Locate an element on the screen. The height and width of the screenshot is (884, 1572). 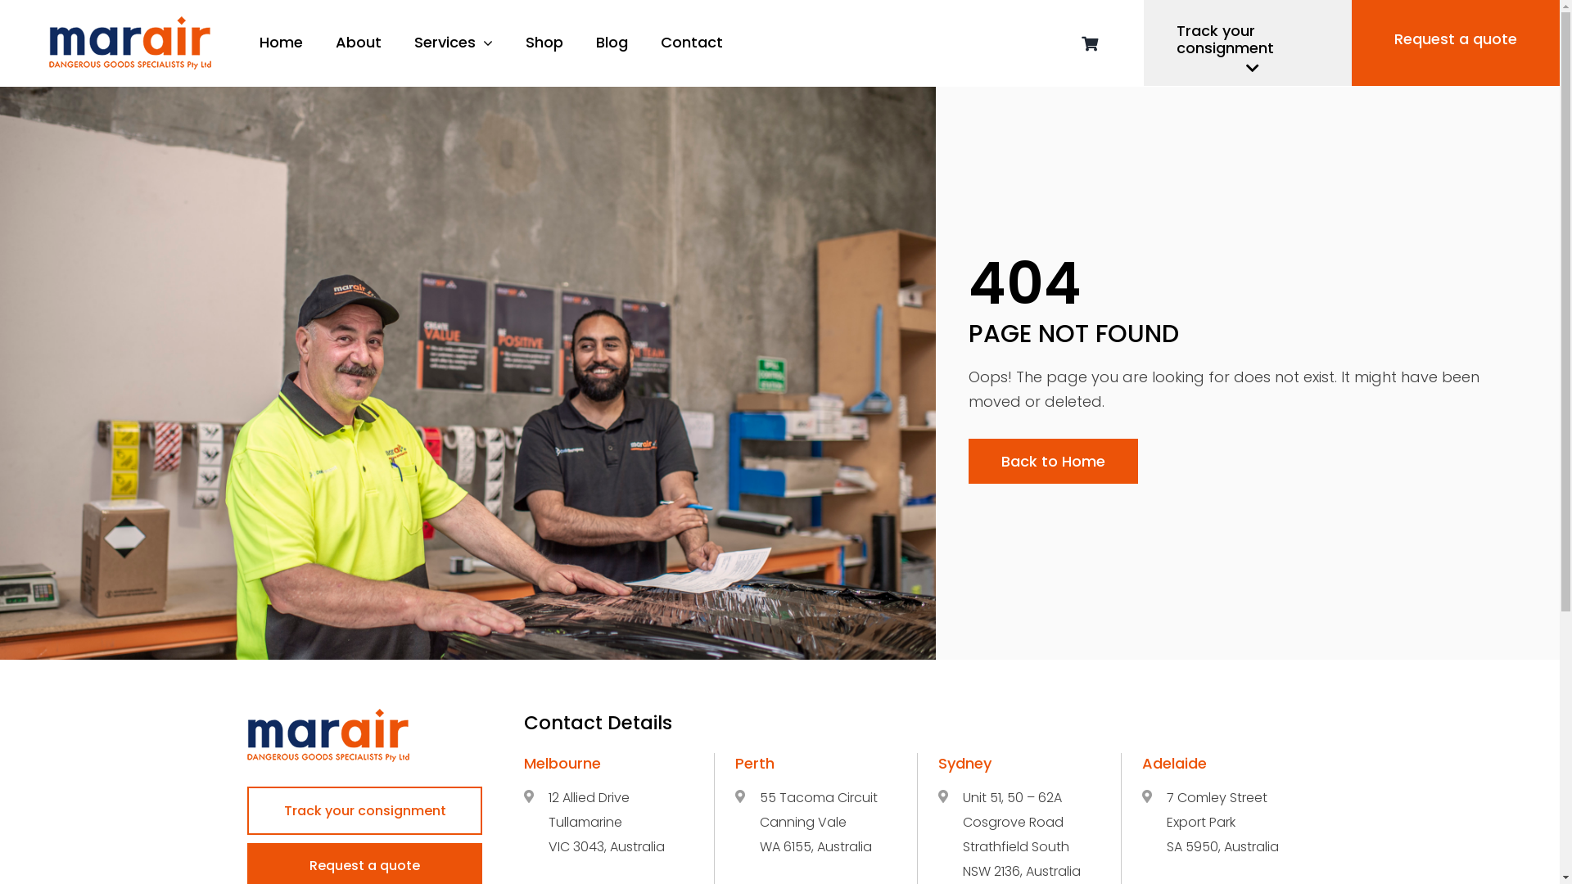
'Back to Home' is located at coordinates (1053, 461).